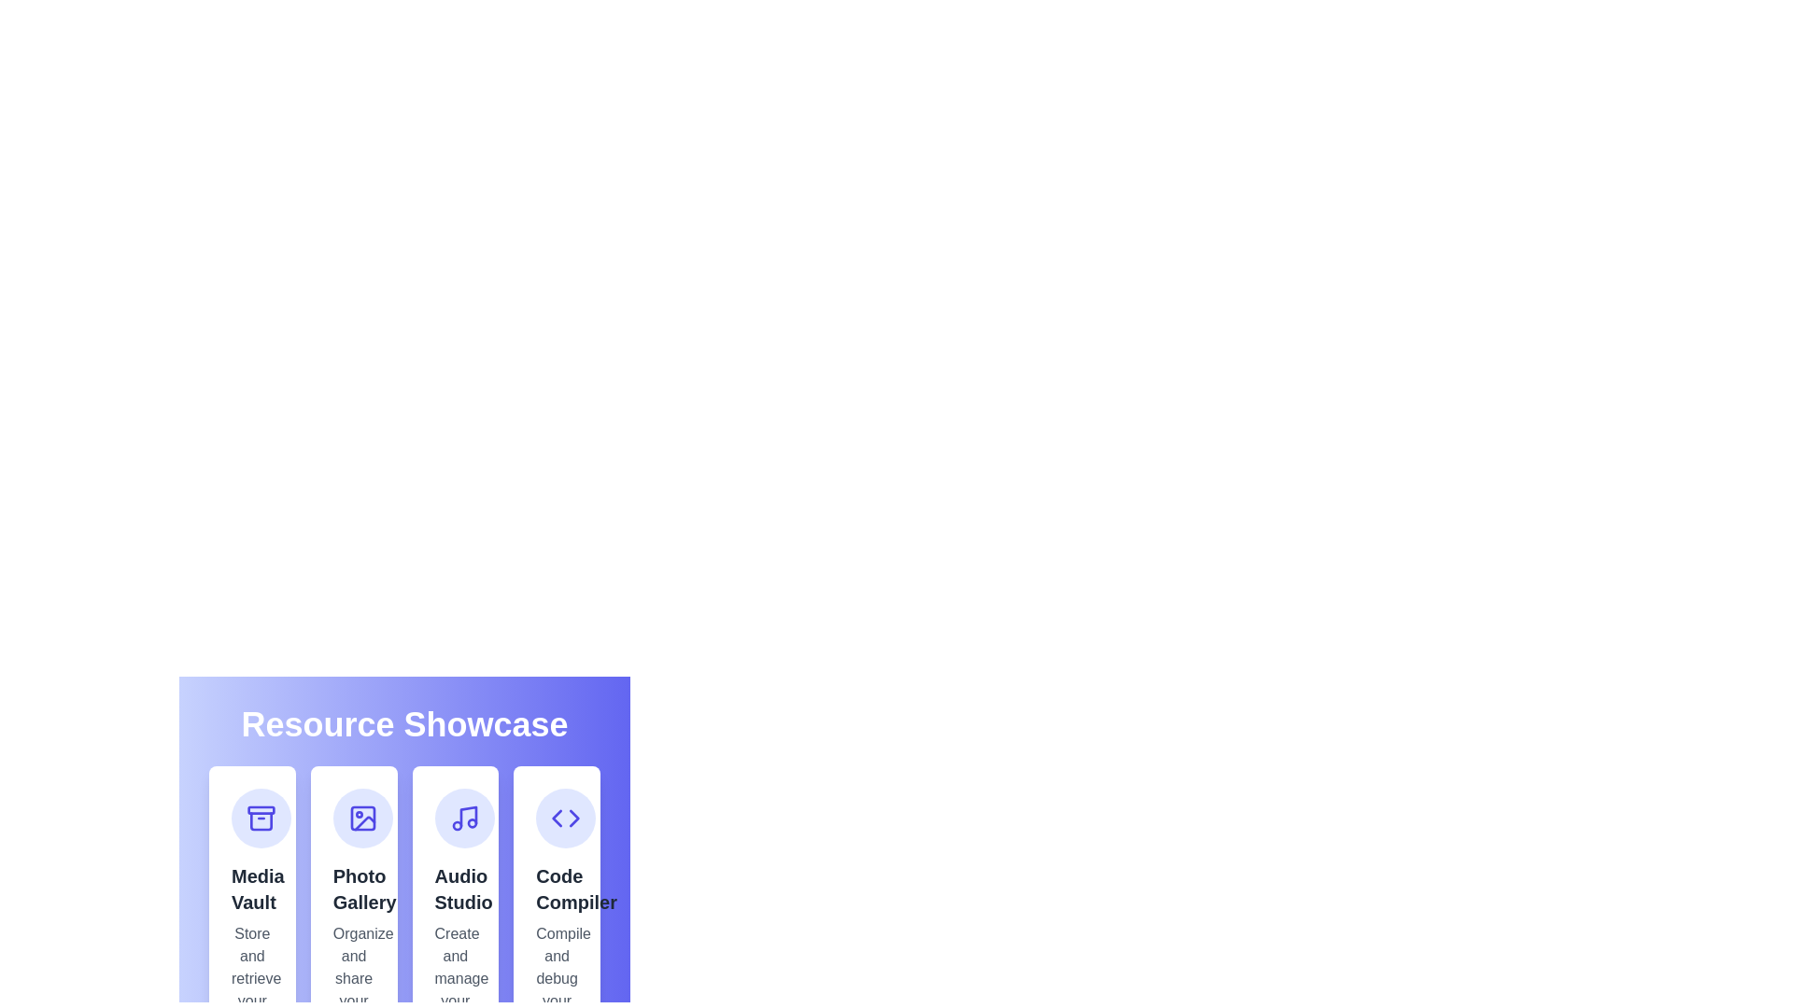 This screenshot has height=1008, width=1793. I want to click on the 'Audio Studio' icon located in the top-center section of the third card from the left in the 'Resource Showcase' section, so click(464, 817).